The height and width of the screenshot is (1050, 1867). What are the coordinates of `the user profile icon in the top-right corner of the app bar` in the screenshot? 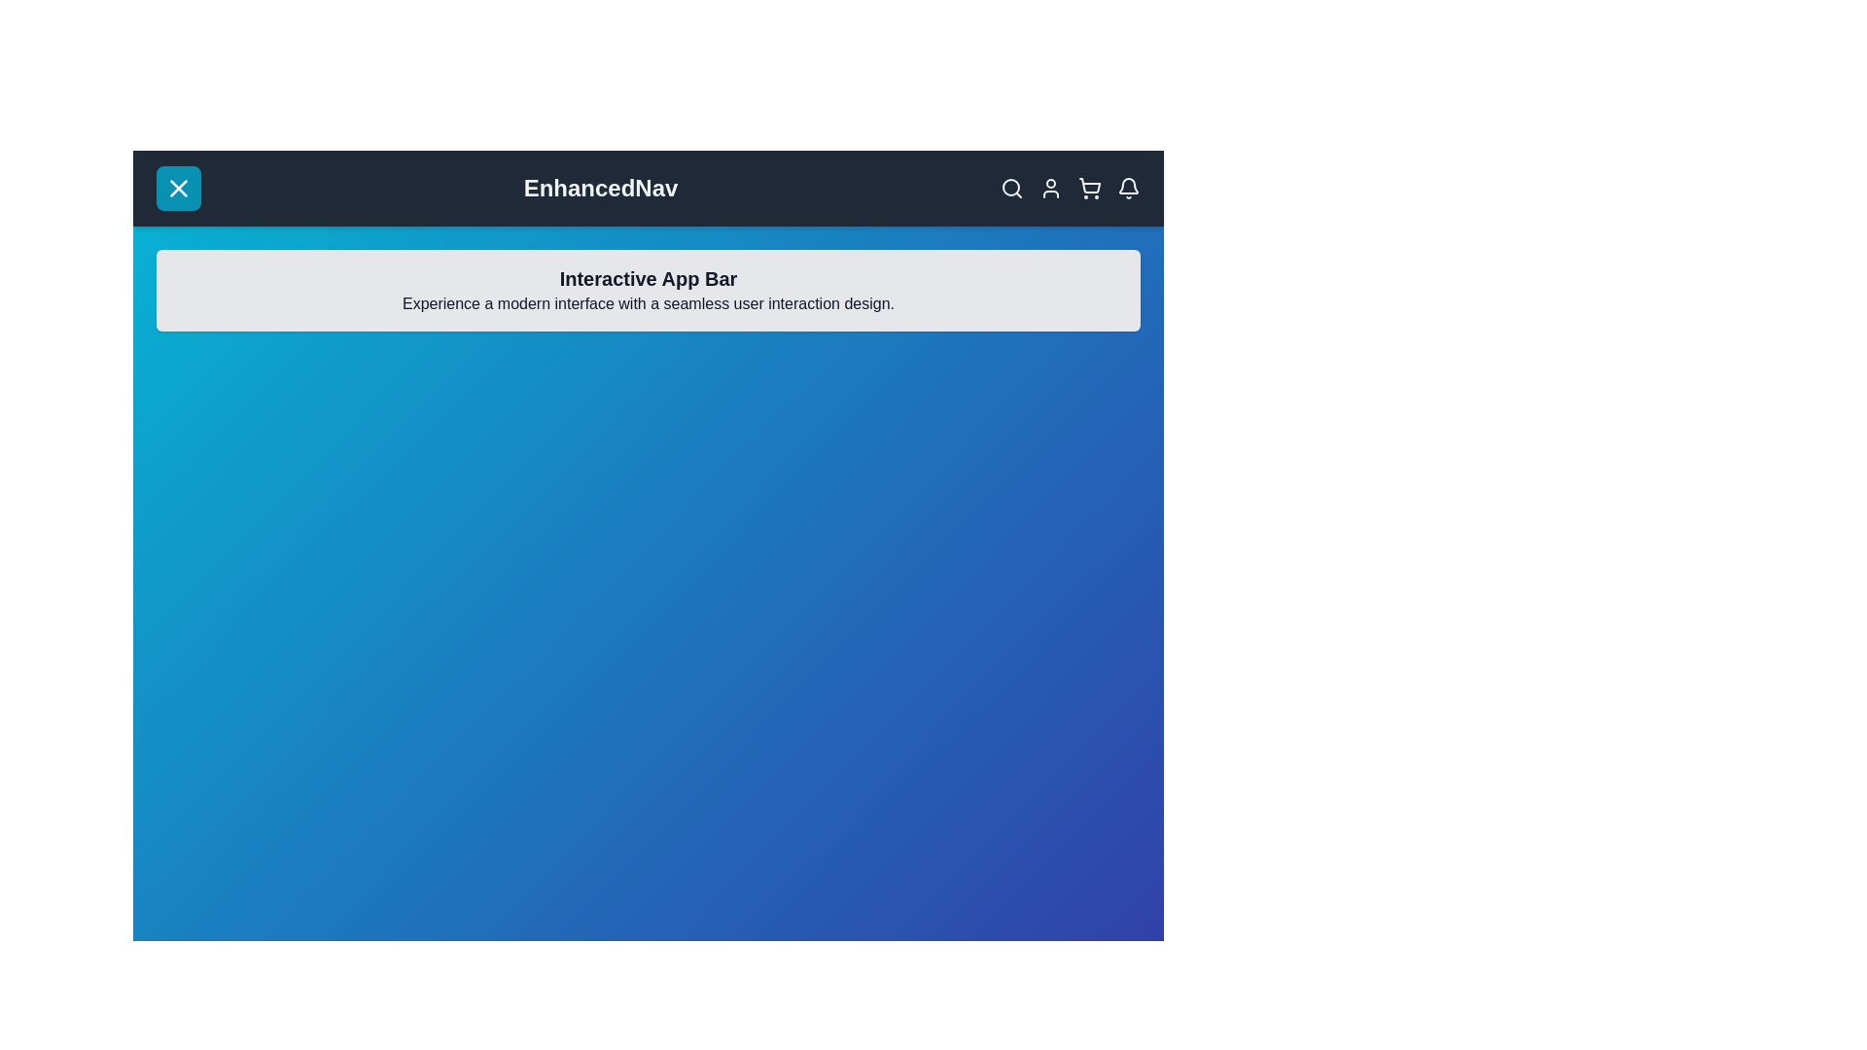 It's located at (1049, 188).